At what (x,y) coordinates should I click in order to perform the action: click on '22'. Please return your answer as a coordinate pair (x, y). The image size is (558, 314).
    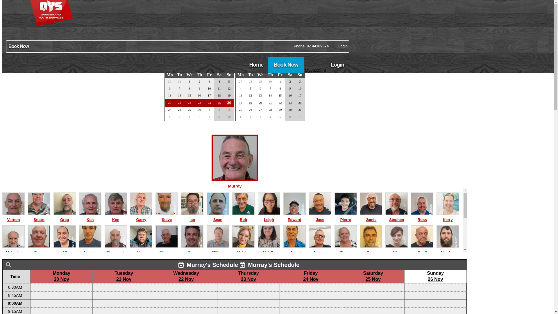
    Looking at the image, I should click on (280, 102).